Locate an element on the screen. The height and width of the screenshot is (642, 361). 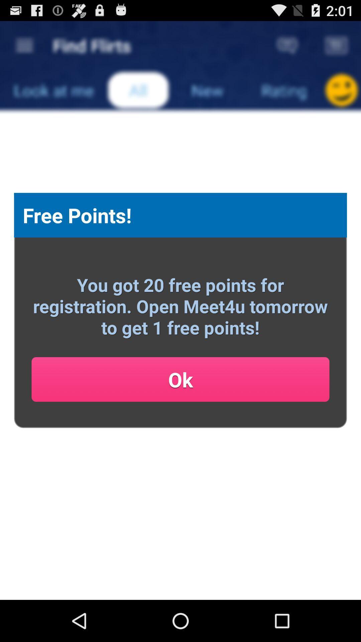
ok is located at coordinates (180, 379).